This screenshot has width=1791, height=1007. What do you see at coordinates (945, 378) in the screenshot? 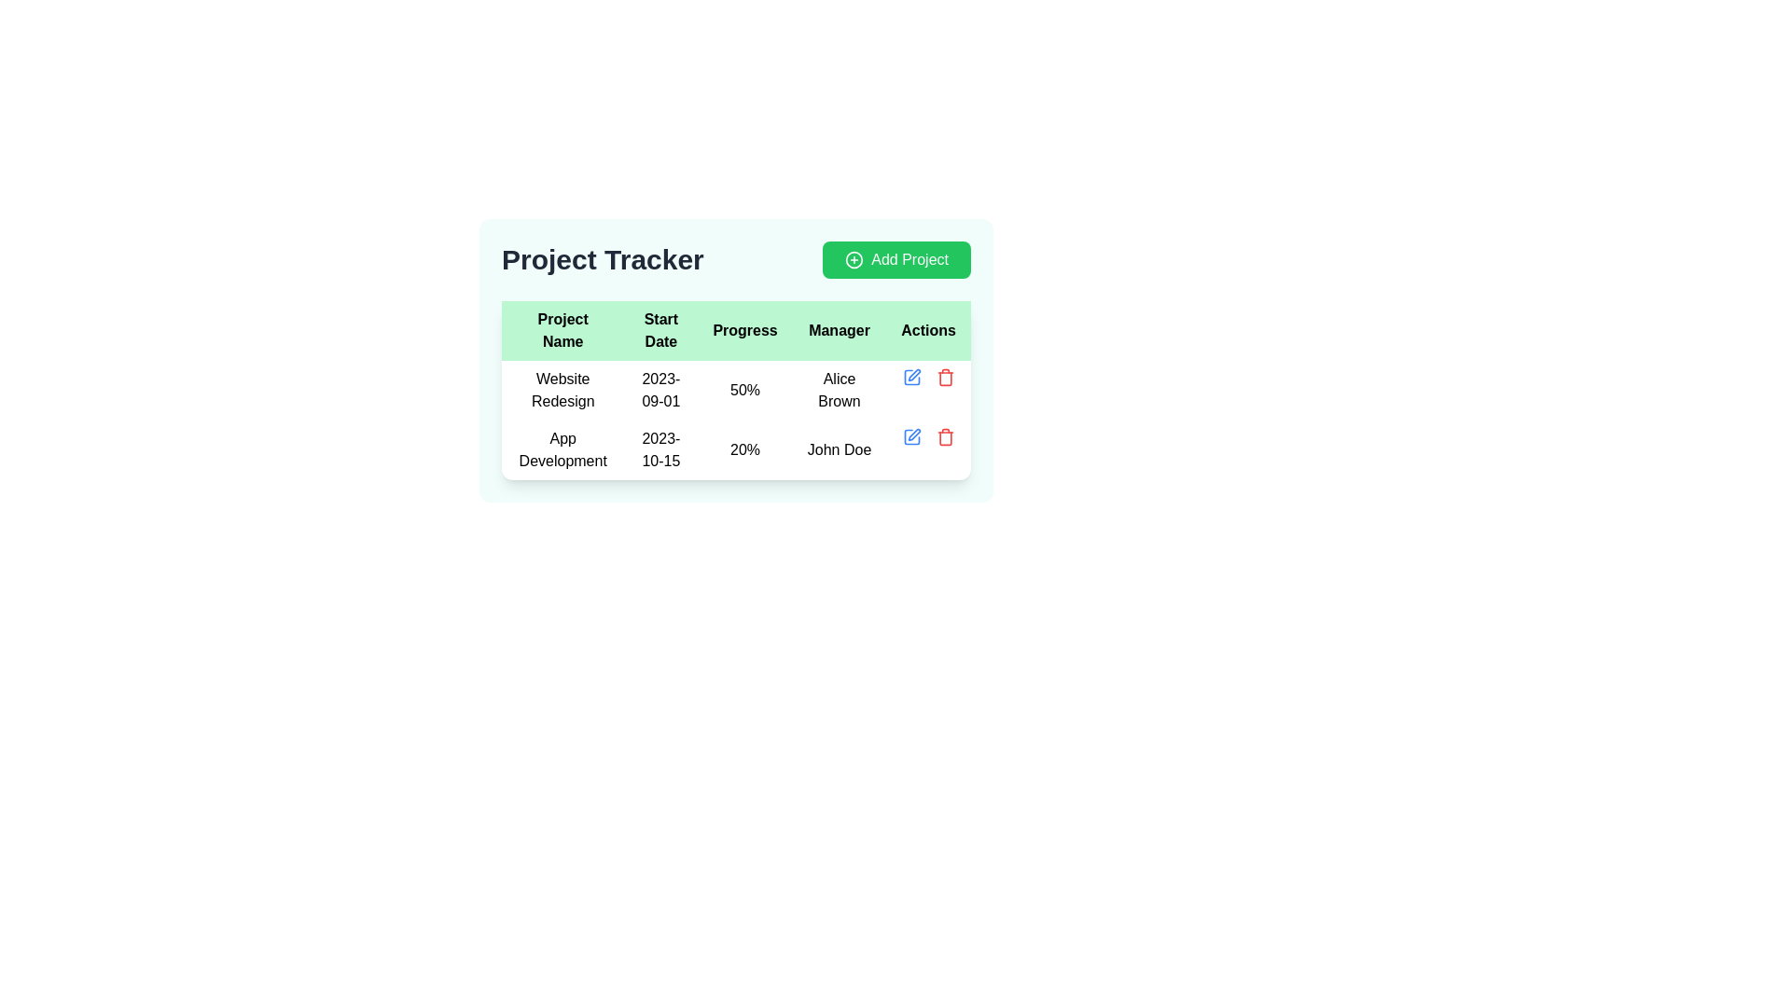
I see `the red trash can icon located at the rightmost side of the actions column in the second row of the table for the project 'App Development' to trigger a tooltip or hover effect` at bounding box center [945, 378].